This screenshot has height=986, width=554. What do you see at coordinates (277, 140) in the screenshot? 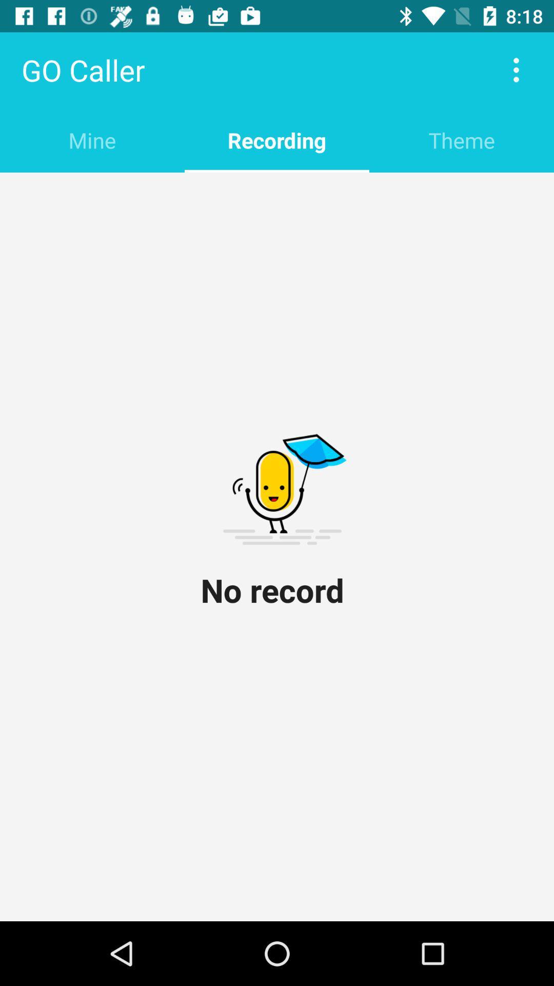
I see `icon to the right of the mine item` at bounding box center [277, 140].